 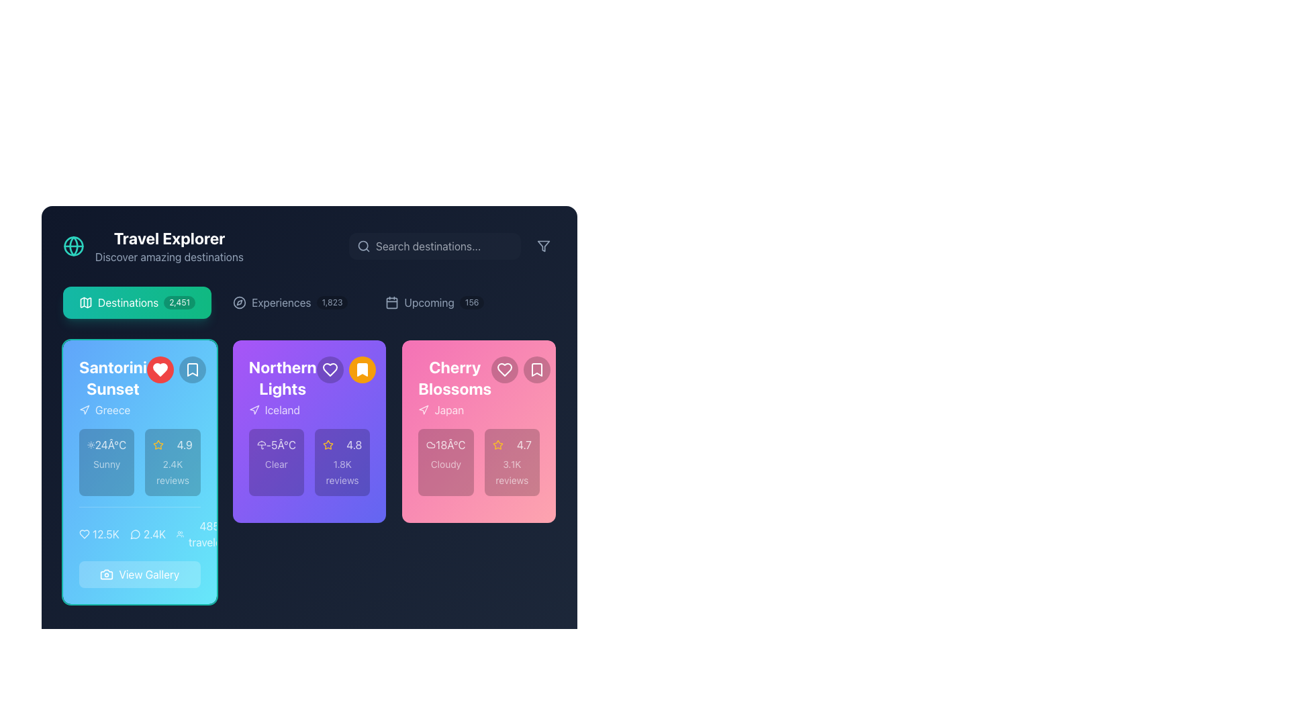 What do you see at coordinates (106, 574) in the screenshot?
I see `the camera icon within the 'View Gallery' button located at the lower section of the 'Santorini Sunset' card` at bounding box center [106, 574].